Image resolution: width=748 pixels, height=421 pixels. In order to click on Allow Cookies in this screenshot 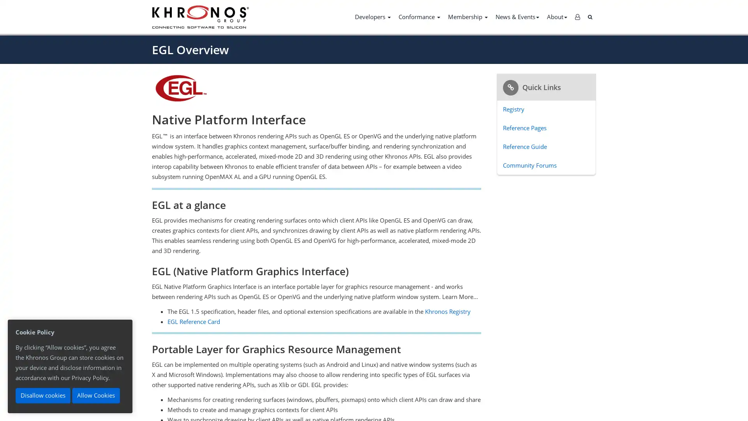, I will do `click(95, 395)`.